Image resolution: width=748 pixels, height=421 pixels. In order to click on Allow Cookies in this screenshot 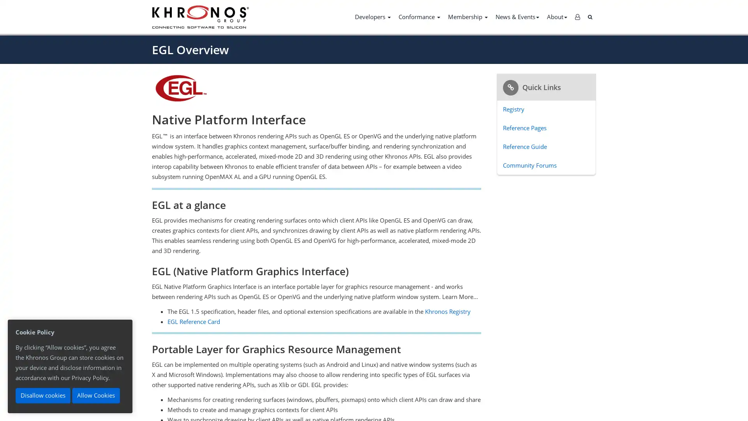, I will do `click(95, 395)`.